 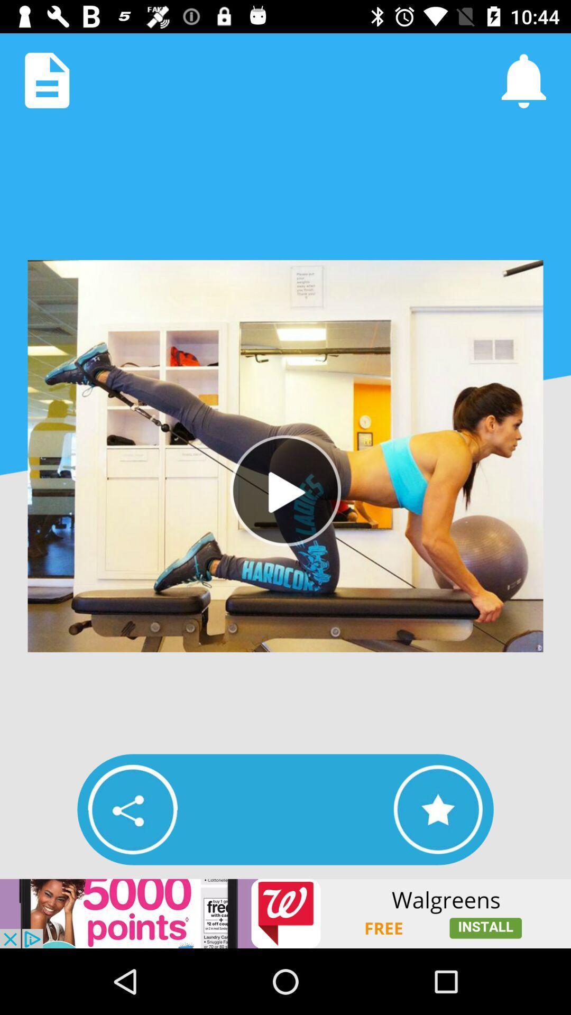 What do you see at coordinates (132, 809) in the screenshot?
I see `share the video` at bounding box center [132, 809].